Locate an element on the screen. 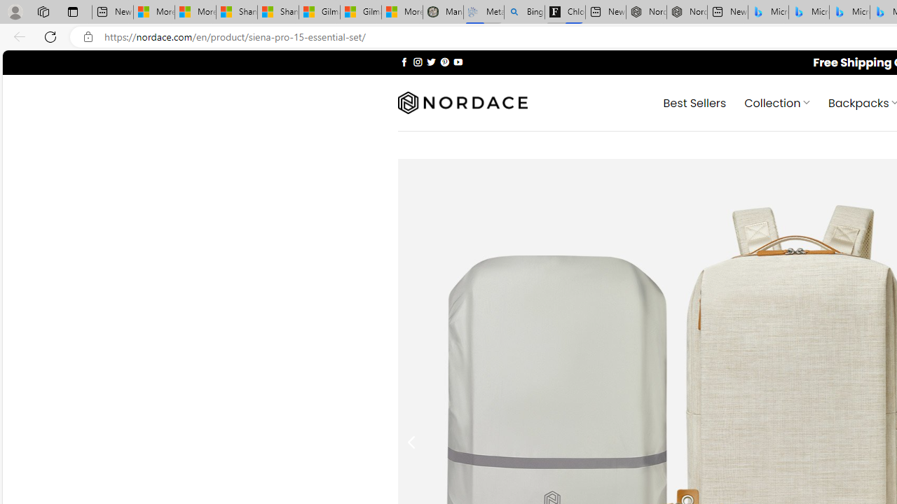 Image resolution: width=897 pixels, height=504 pixels. ' Best Sellers' is located at coordinates (694, 101).